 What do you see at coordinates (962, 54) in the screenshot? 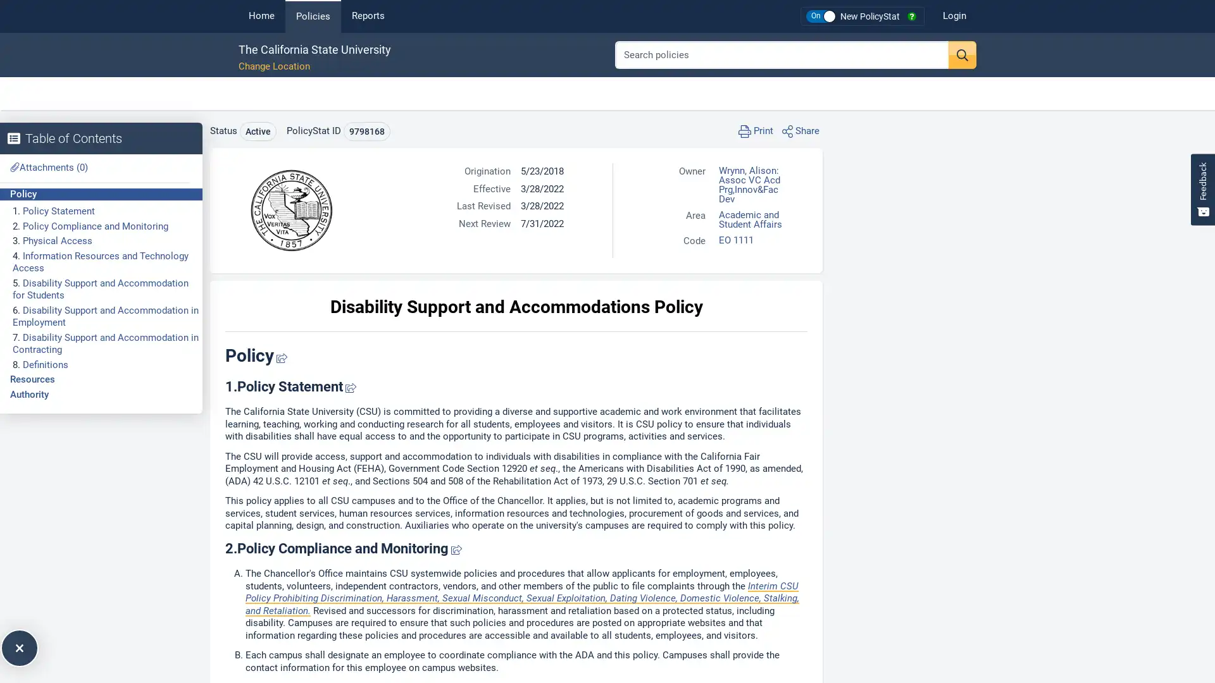
I see `Search button` at bounding box center [962, 54].